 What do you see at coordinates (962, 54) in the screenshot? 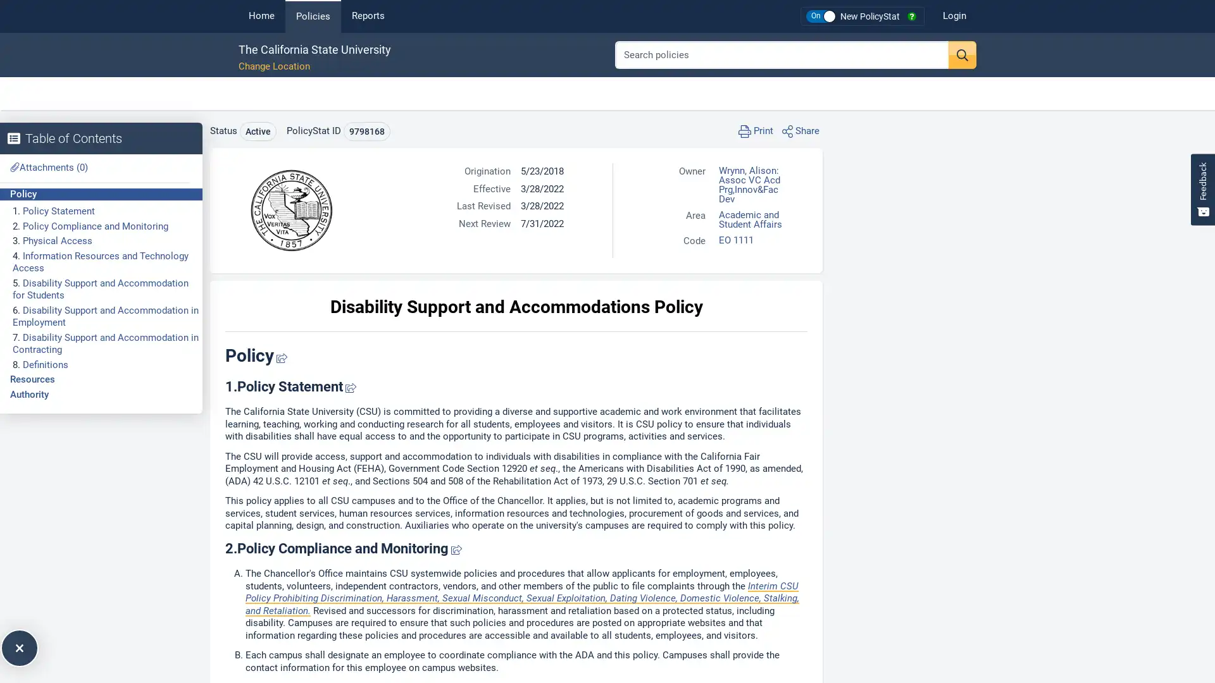
I see `Search button` at bounding box center [962, 54].